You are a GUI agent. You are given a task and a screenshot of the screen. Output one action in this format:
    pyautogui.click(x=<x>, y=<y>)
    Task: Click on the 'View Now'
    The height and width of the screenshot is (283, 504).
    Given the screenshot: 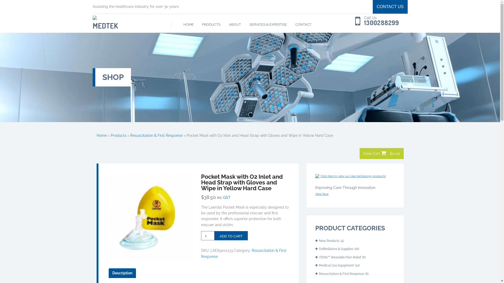 What is the action you would take?
    pyautogui.click(x=315, y=194)
    